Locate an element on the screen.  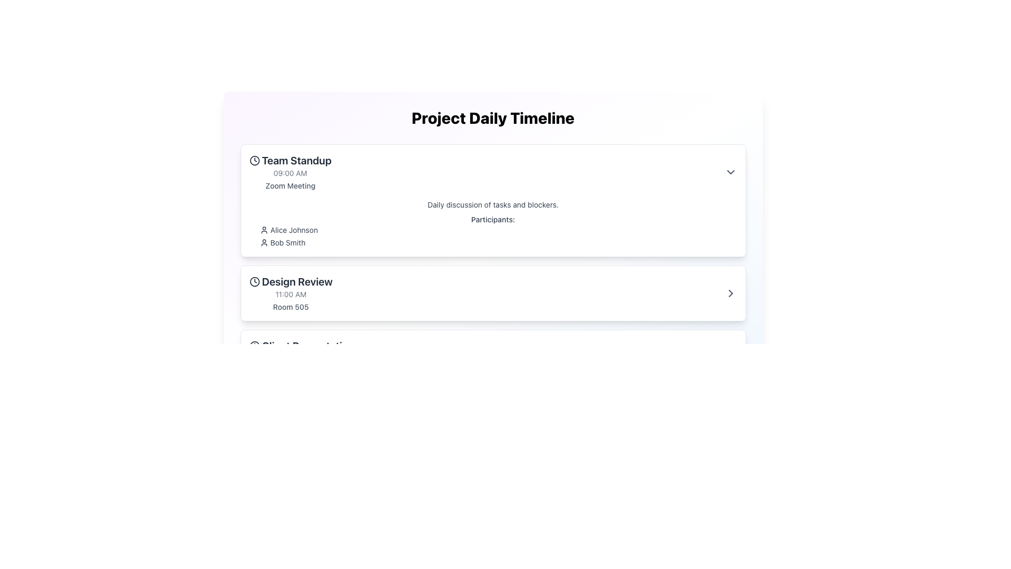
the text label displaying 'Room 505' in muted gray color, located under the '11:00 AM' time label in the Design Review section is located at coordinates (291, 307).